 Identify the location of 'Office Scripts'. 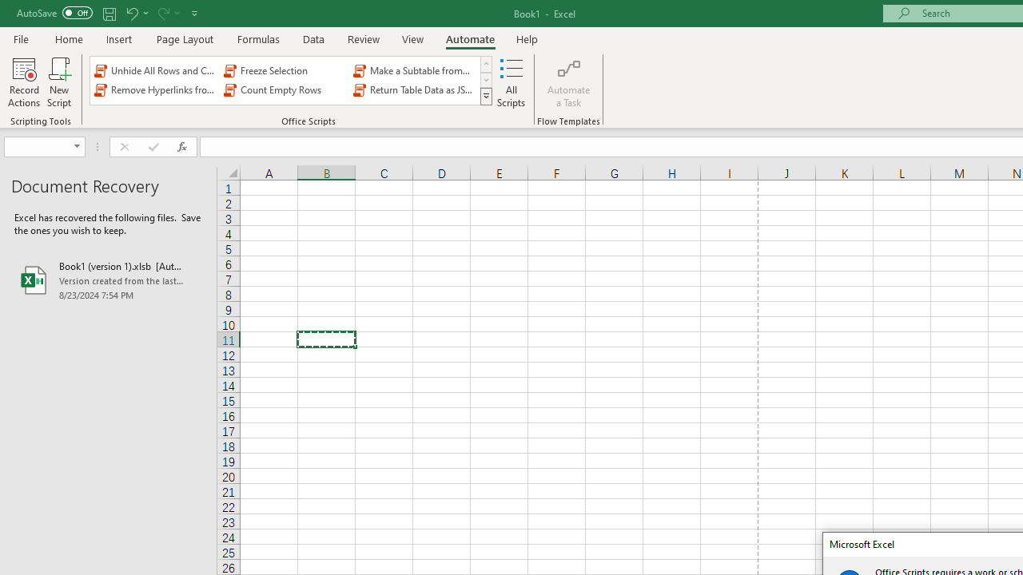
(485, 96).